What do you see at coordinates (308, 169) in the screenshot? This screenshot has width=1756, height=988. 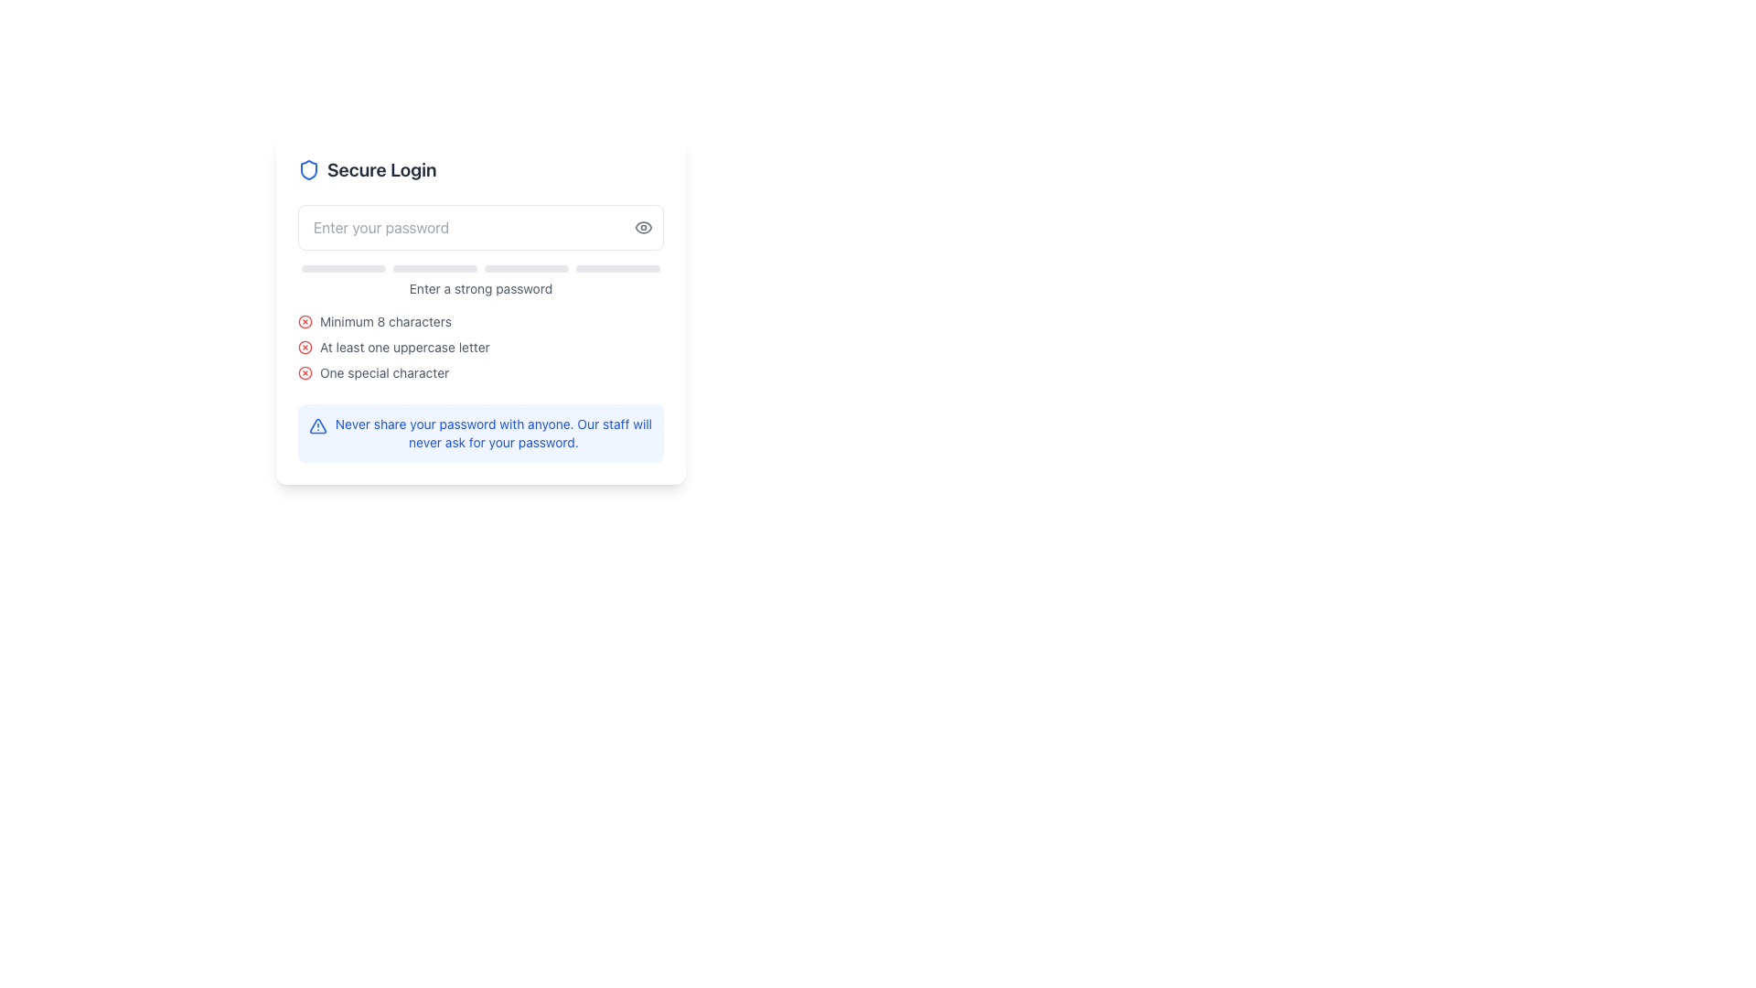 I see `security icon located to the left of the 'Secure Login' text, which serves as a visual indicator of protection` at bounding box center [308, 169].